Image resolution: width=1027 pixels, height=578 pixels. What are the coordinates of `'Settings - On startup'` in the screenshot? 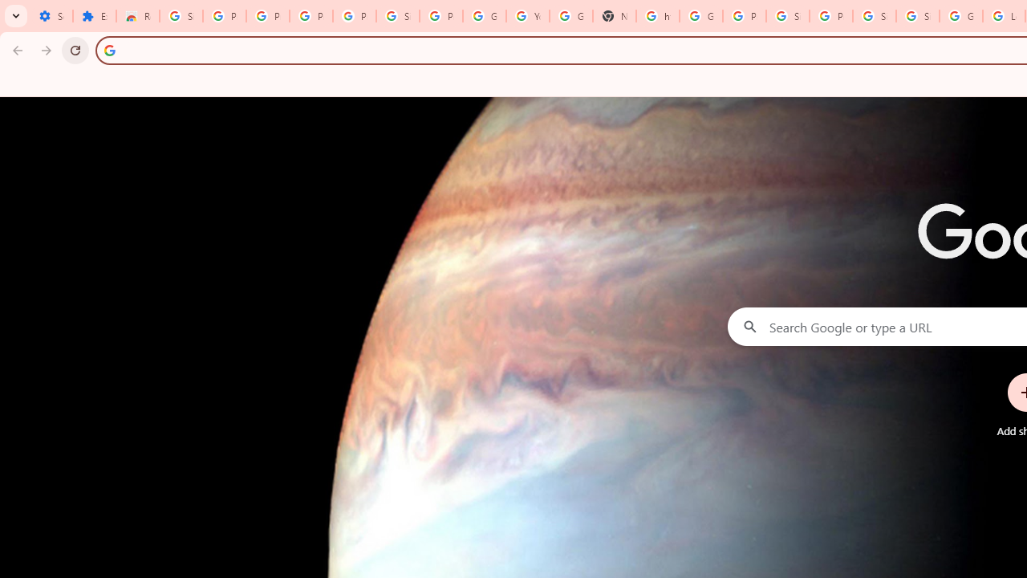 It's located at (51, 16).